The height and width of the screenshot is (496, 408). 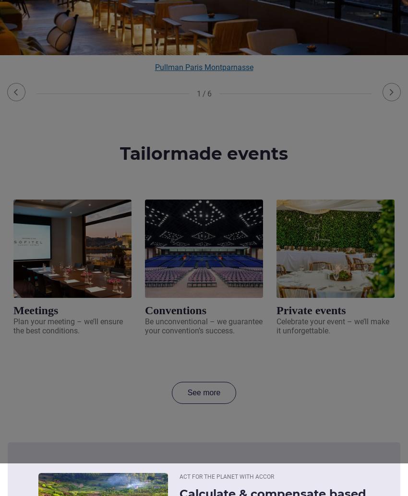 I want to click on 'Meetings', so click(x=36, y=310).